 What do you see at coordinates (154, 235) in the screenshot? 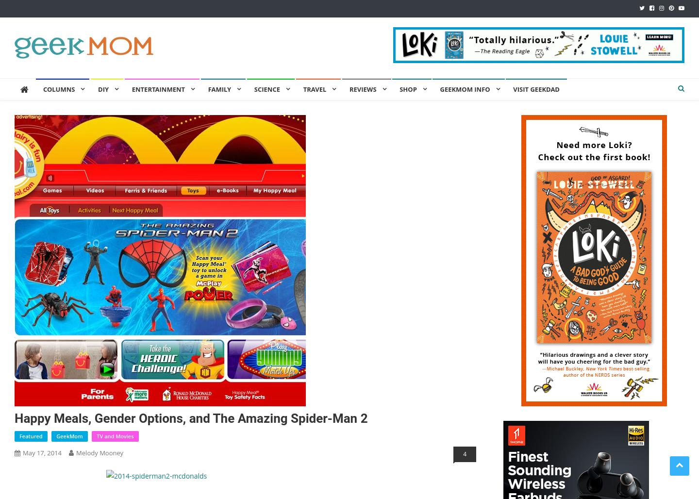
I see `'Conventions'` at bounding box center [154, 235].